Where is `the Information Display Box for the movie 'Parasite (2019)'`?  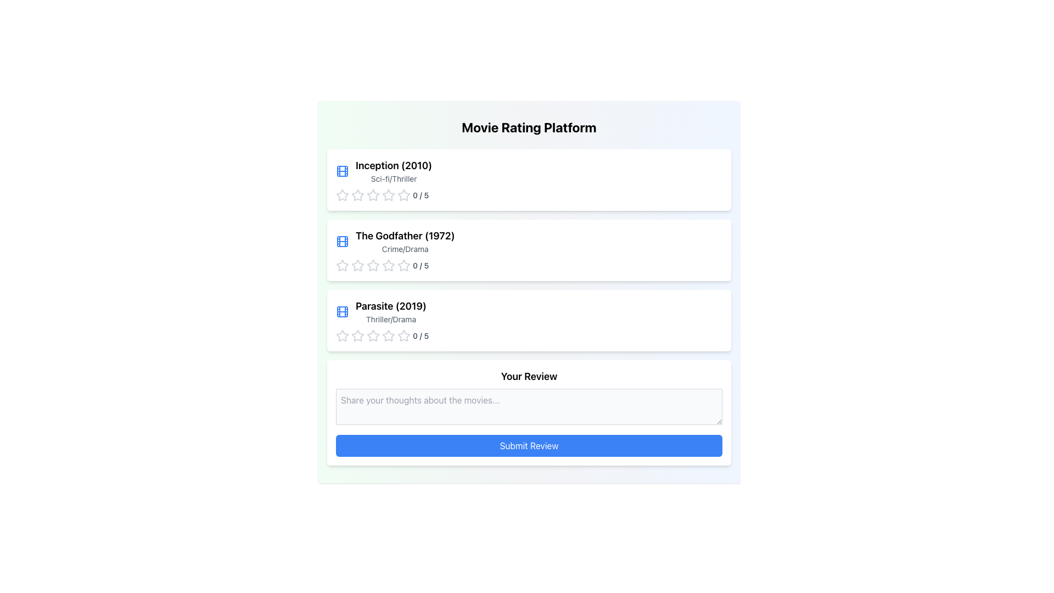 the Information Display Box for the movie 'Parasite (2019)' is located at coordinates (529, 311).